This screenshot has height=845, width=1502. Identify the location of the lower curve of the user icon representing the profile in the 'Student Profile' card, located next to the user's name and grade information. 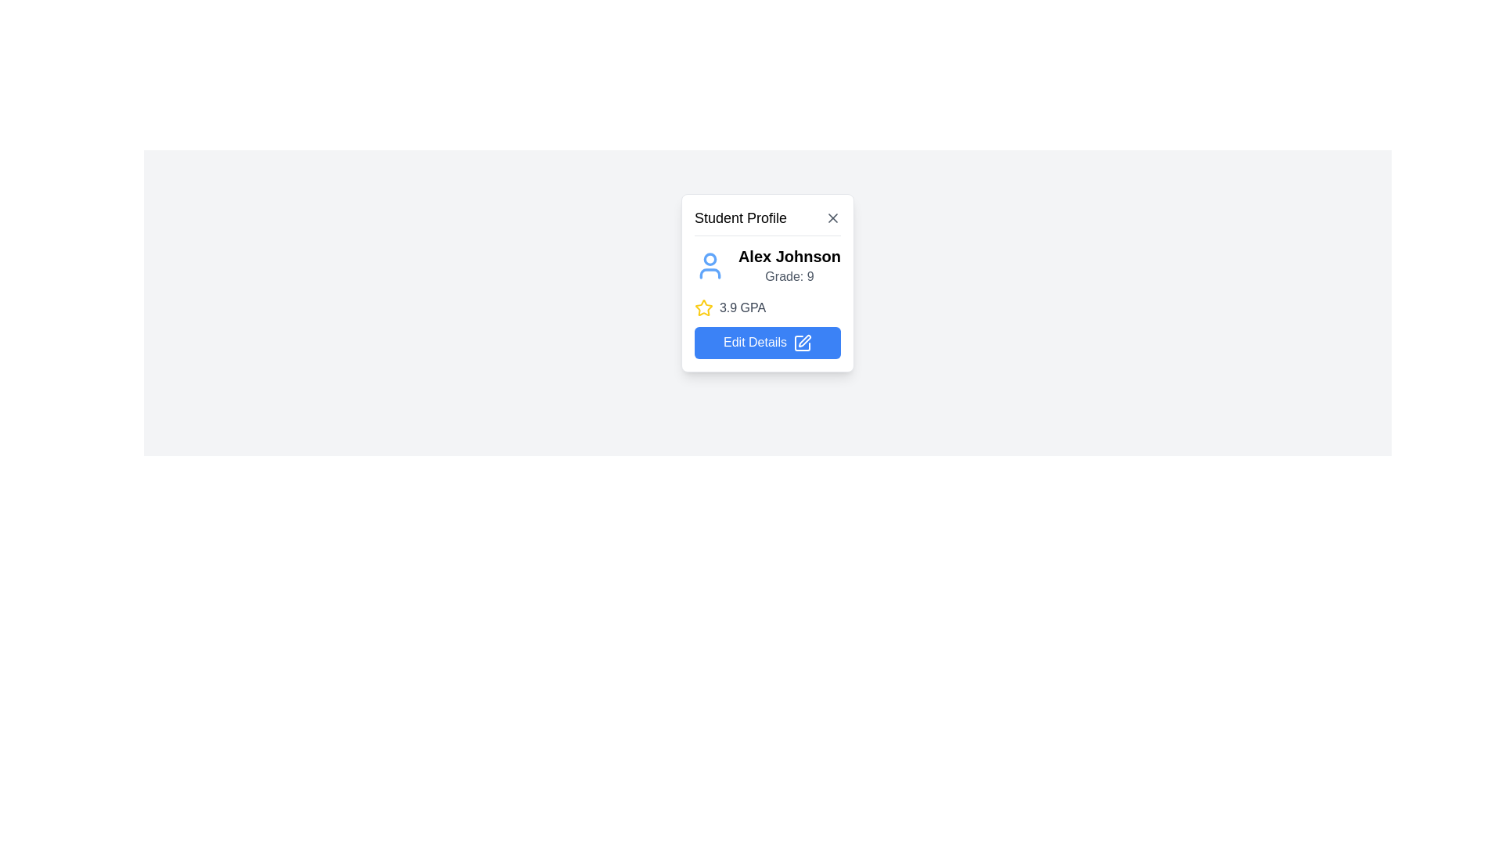
(709, 273).